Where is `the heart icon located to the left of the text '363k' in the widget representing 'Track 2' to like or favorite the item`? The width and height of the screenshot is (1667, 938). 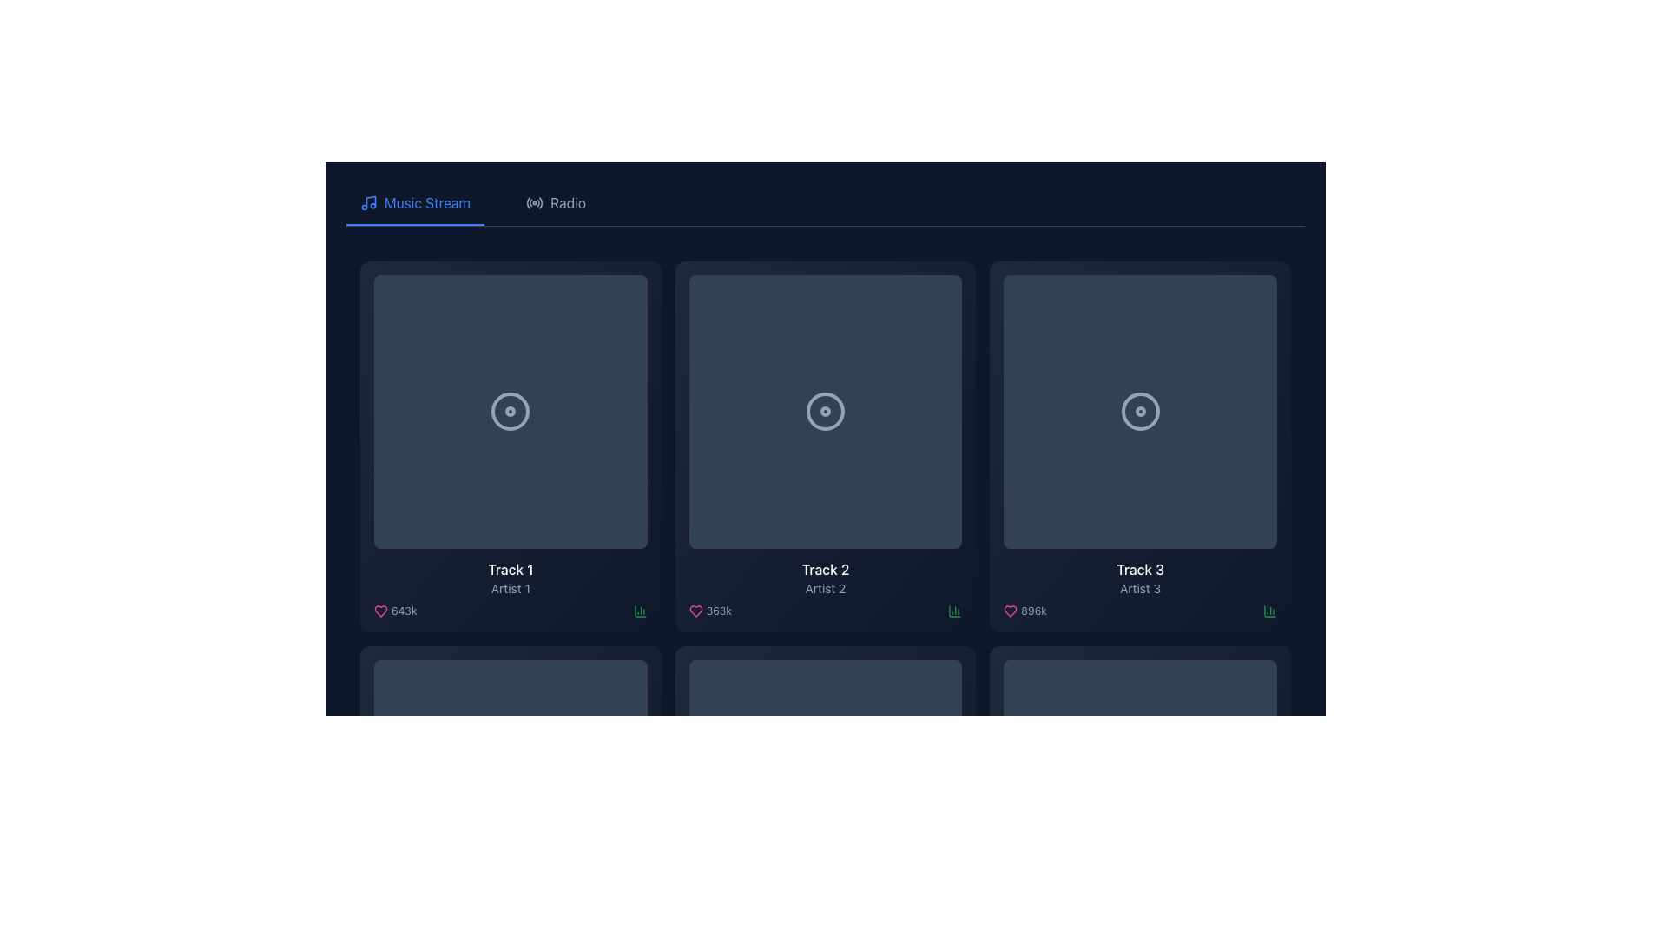 the heart icon located to the left of the text '363k' in the widget representing 'Track 2' to like or favorite the item is located at coordinates (695, 610).